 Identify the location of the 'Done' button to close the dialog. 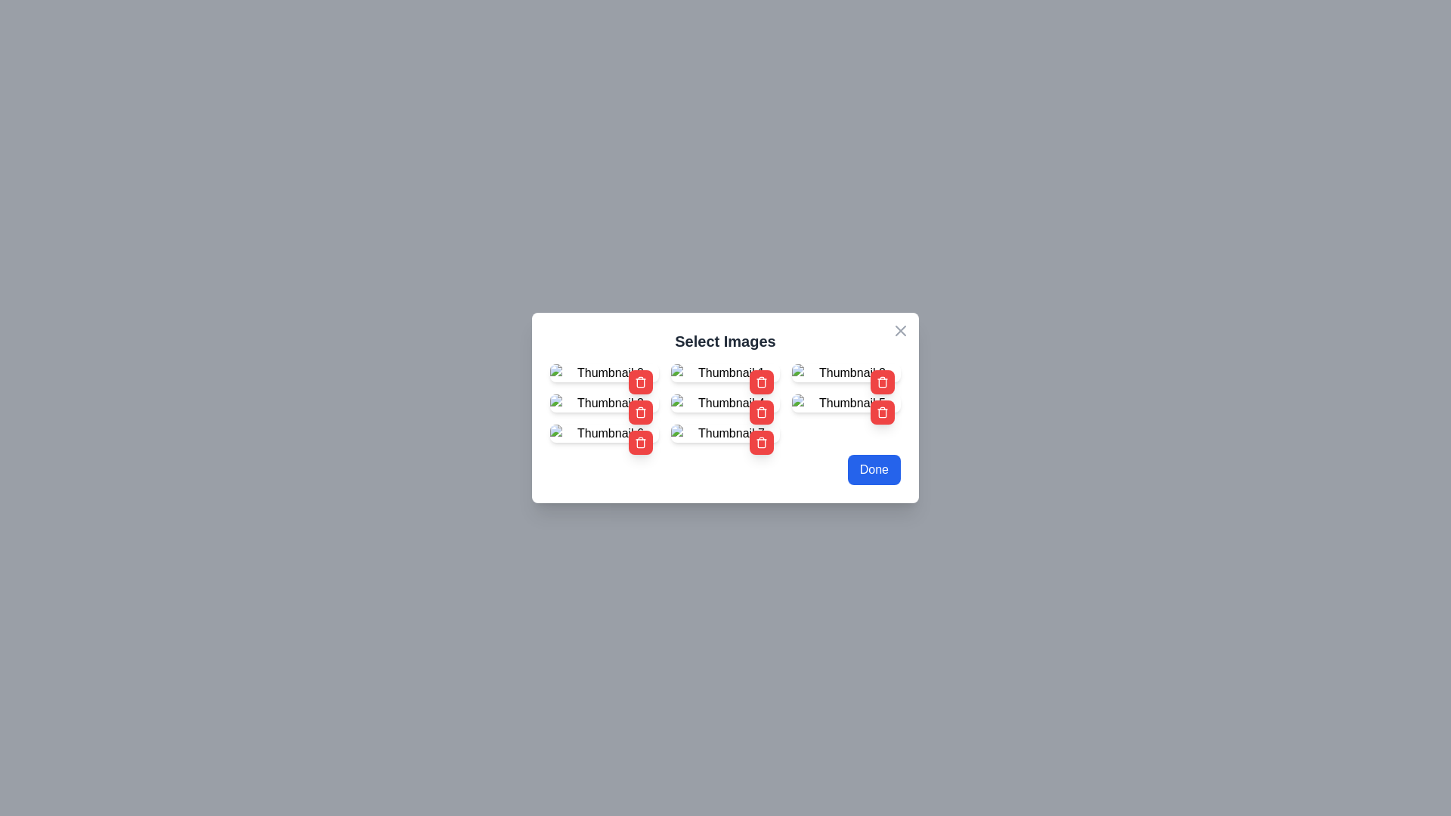
(874, 468).